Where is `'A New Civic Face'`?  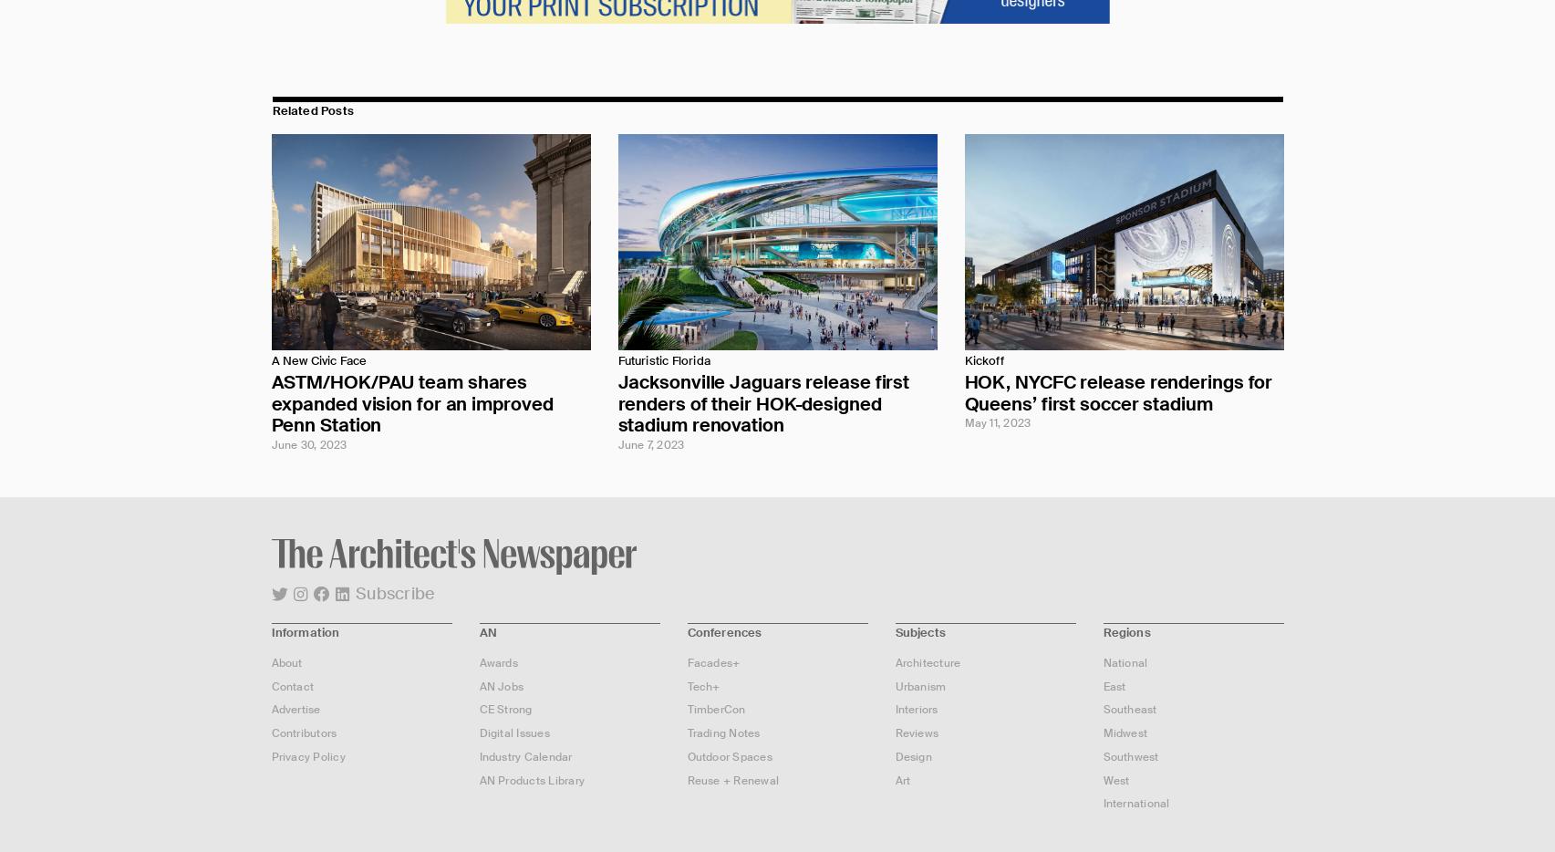
'A New Civic Face' is located at coordinates (270, 359).